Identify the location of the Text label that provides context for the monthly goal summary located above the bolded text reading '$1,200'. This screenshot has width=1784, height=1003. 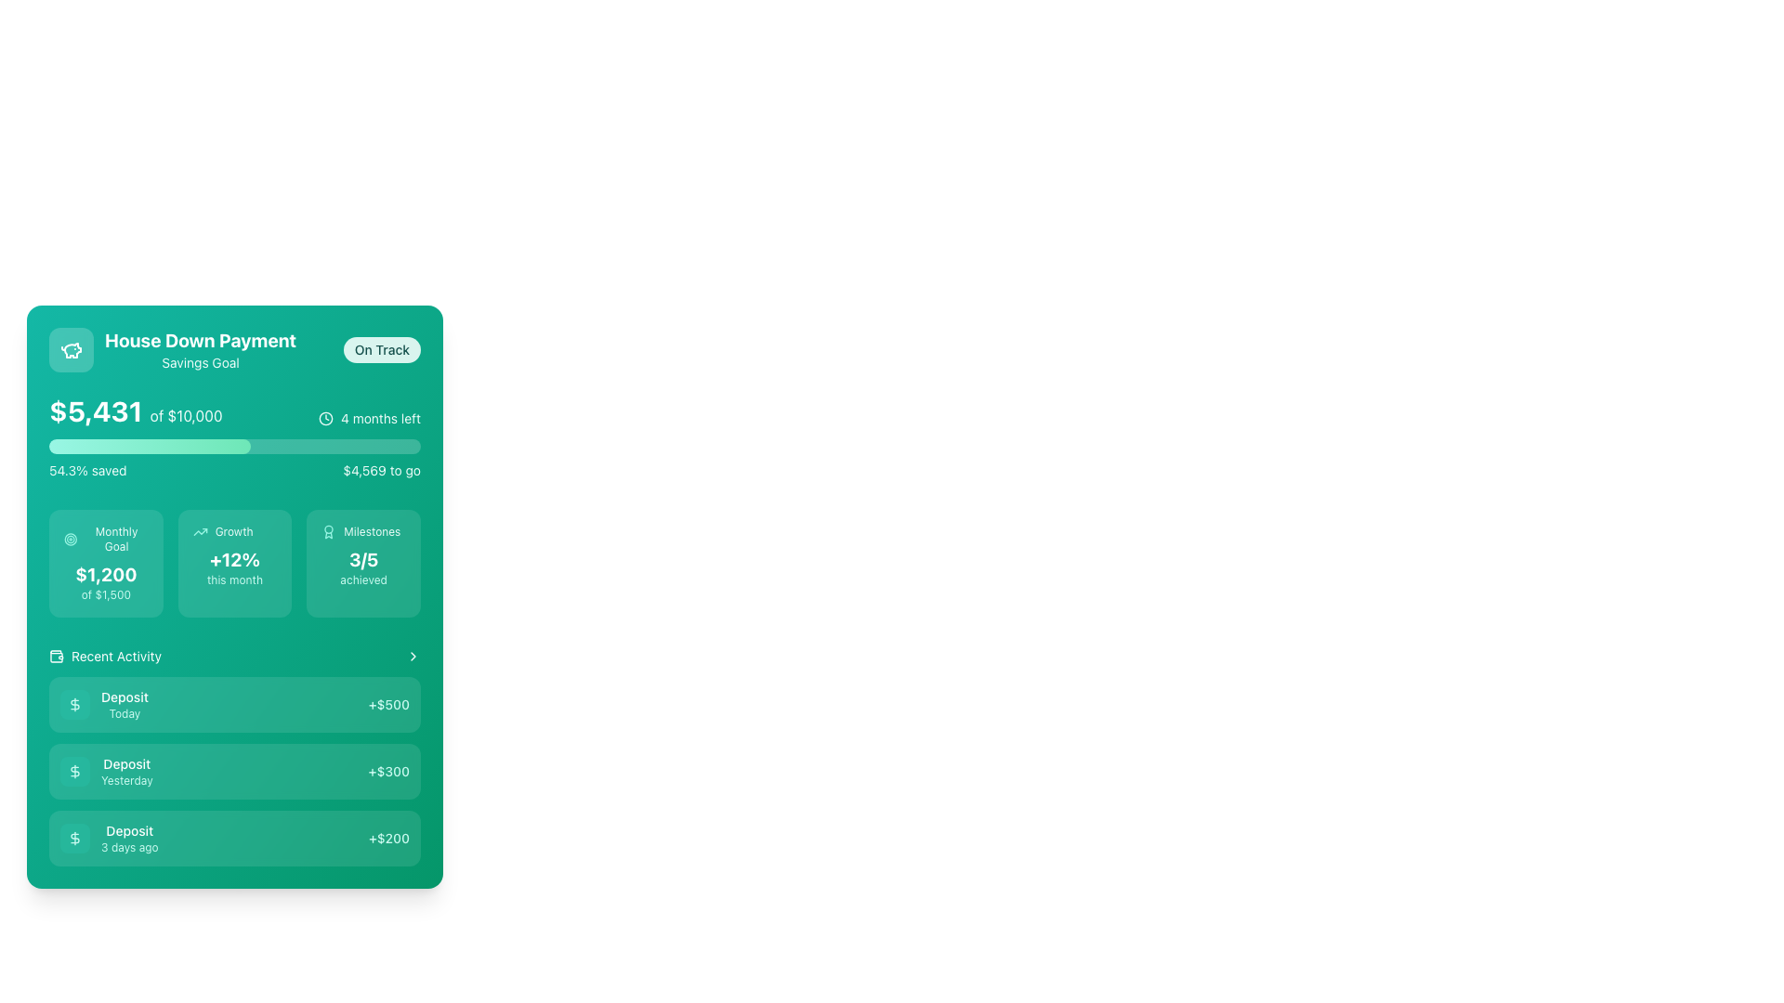
(105, 540).